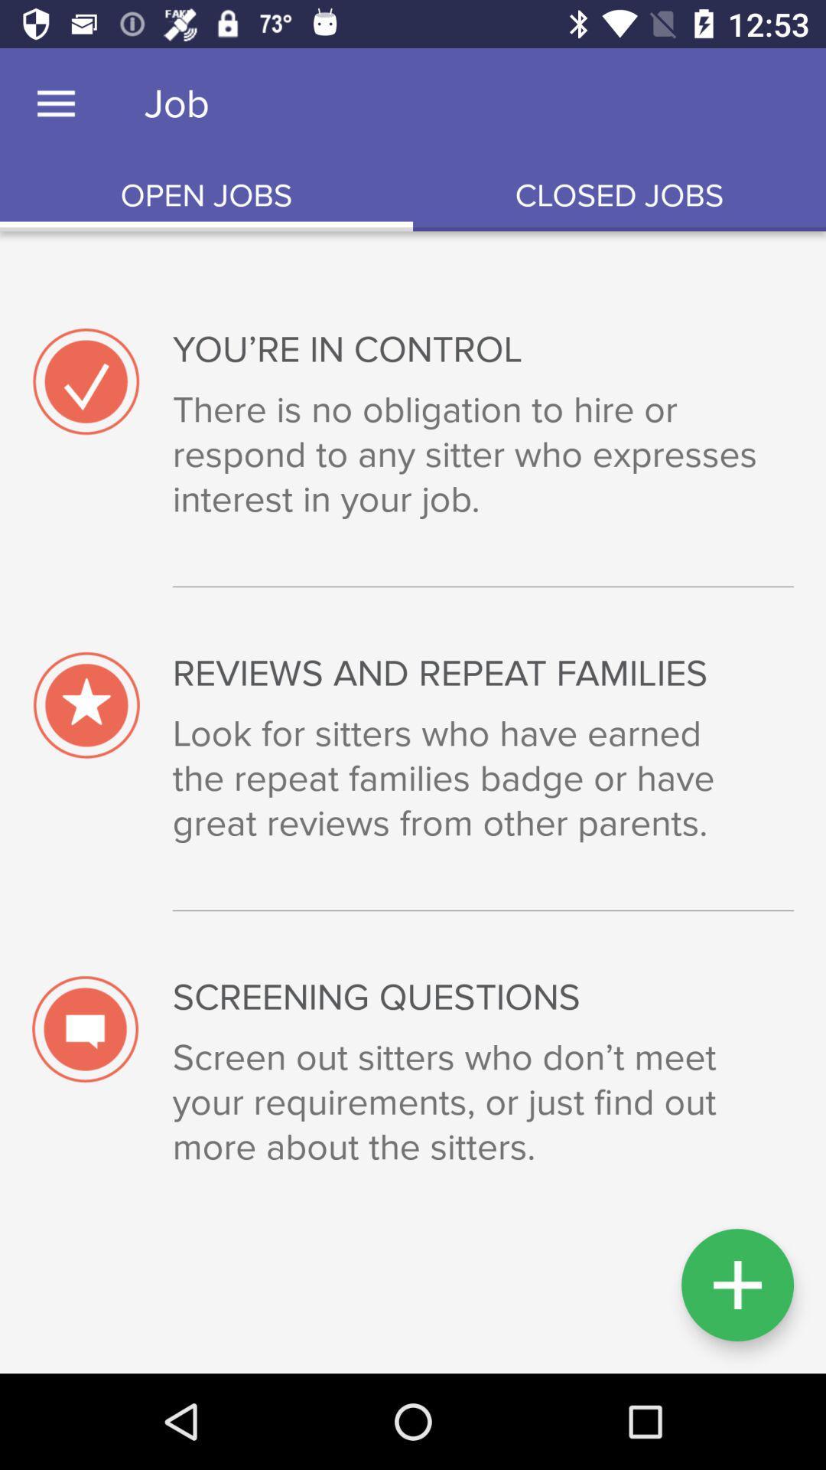 Image resolution: width=826 pixels, height=1470 pixels. What do you see at coordinates (206, 195) in the screenshot?
I see `the item next to the closed jobs icon` at bounding box center [206, 195].